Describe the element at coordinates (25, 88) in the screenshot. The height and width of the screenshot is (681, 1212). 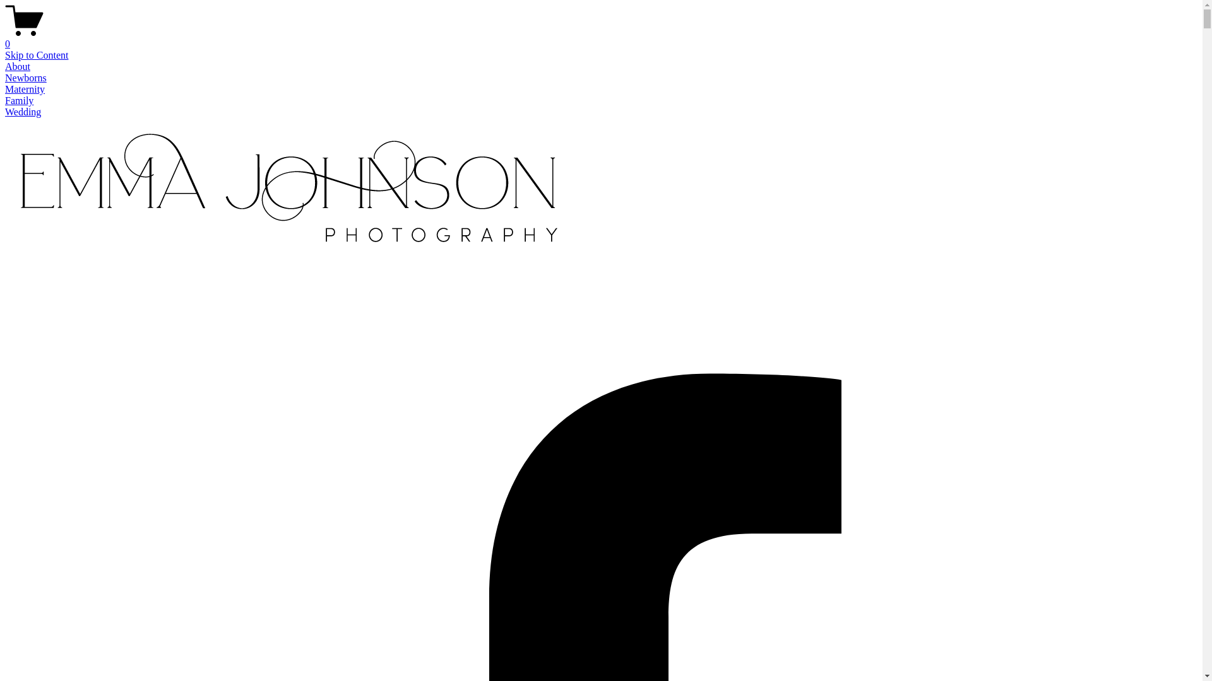
I see `'Maternity'` at that location.